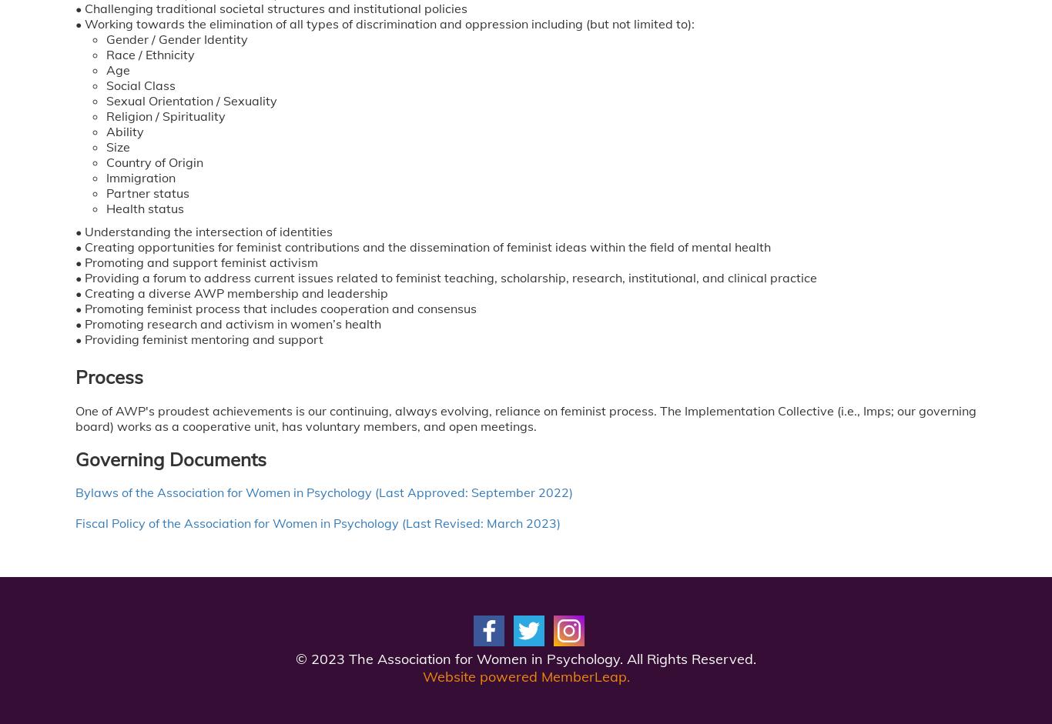 This screenshot has width=1052, height=724. Describe the element at coordinates (140, 85) in the screenshot. I see `'Social Class'` at that location.